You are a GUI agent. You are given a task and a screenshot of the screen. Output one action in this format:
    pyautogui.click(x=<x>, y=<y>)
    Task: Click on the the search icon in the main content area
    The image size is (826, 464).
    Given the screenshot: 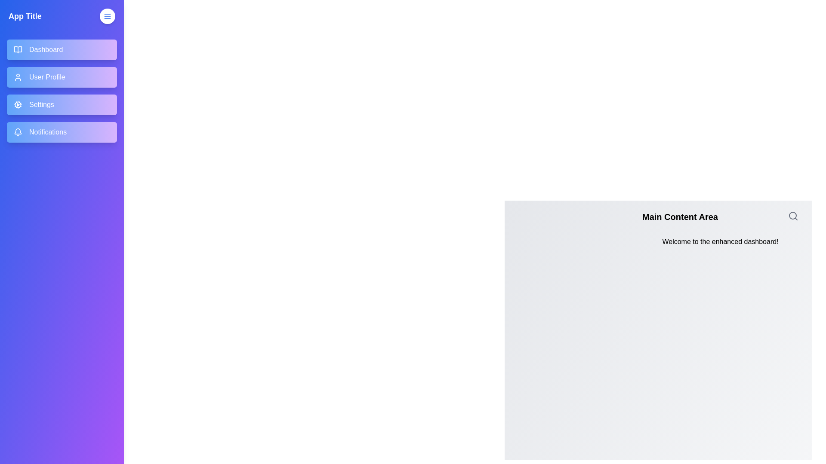 What is the action you would take?
    pyautogui.click(x=792, y=215)
    